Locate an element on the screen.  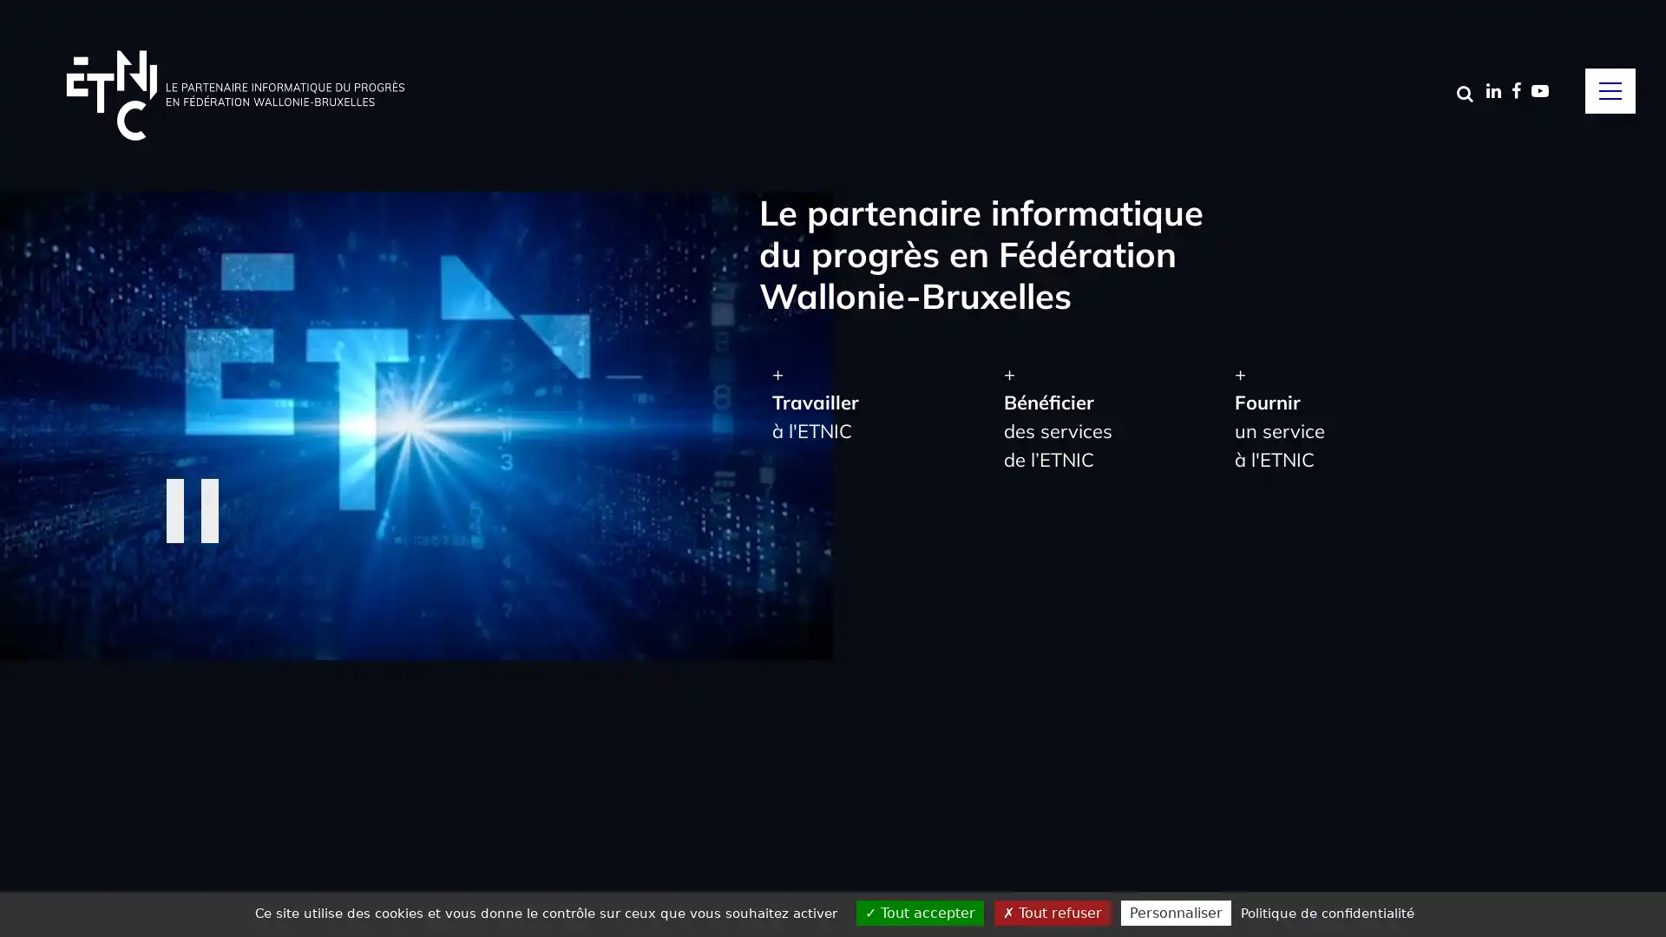
Menu is located at coordinates (1610, 90).